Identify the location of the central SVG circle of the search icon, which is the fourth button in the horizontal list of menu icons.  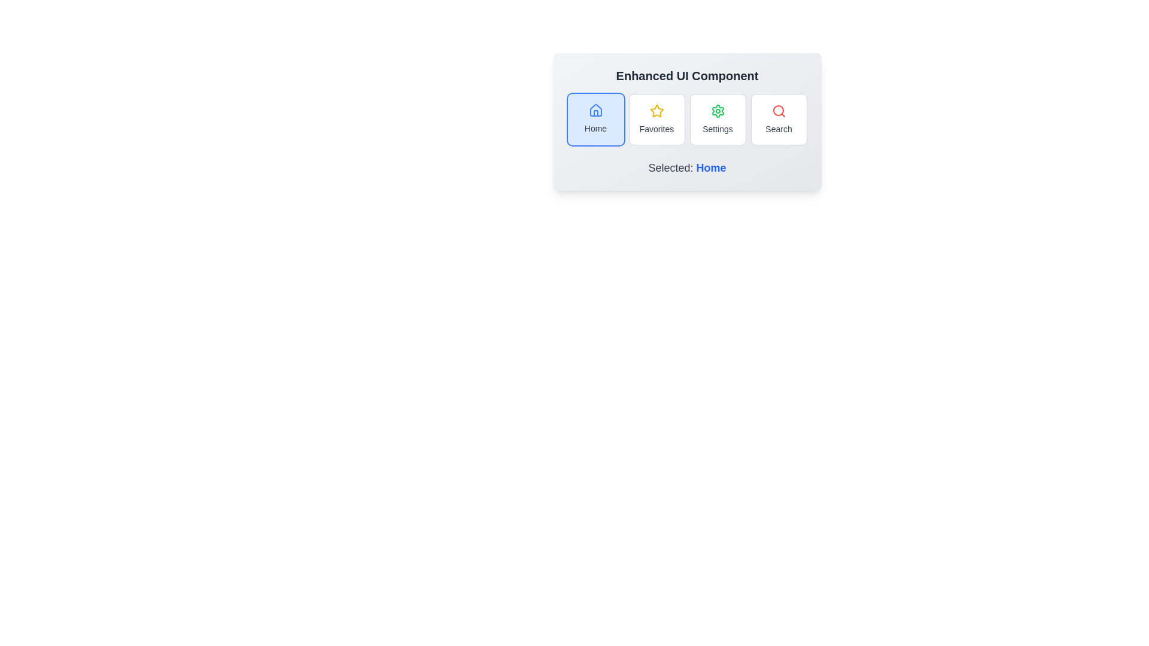
(778, 111).